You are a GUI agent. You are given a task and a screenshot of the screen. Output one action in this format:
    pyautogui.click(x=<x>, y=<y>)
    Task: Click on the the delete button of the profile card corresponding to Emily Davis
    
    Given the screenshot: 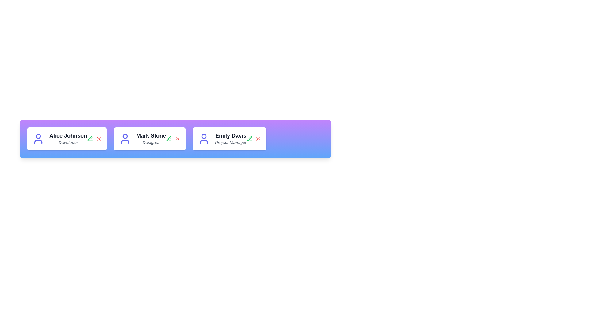 What is the action you would take?
    pyautogui.click(x=258, y=139)
    